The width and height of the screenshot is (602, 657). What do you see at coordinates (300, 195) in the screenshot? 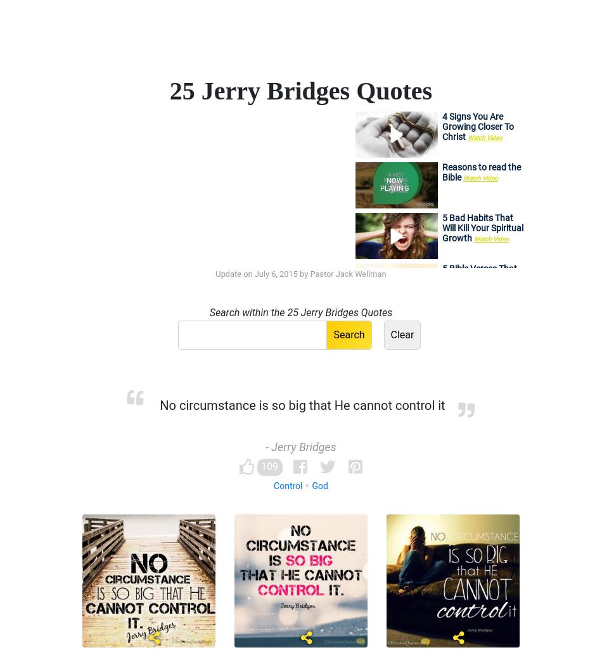
I see `'Contentment'` at bounding box center [300, 195].